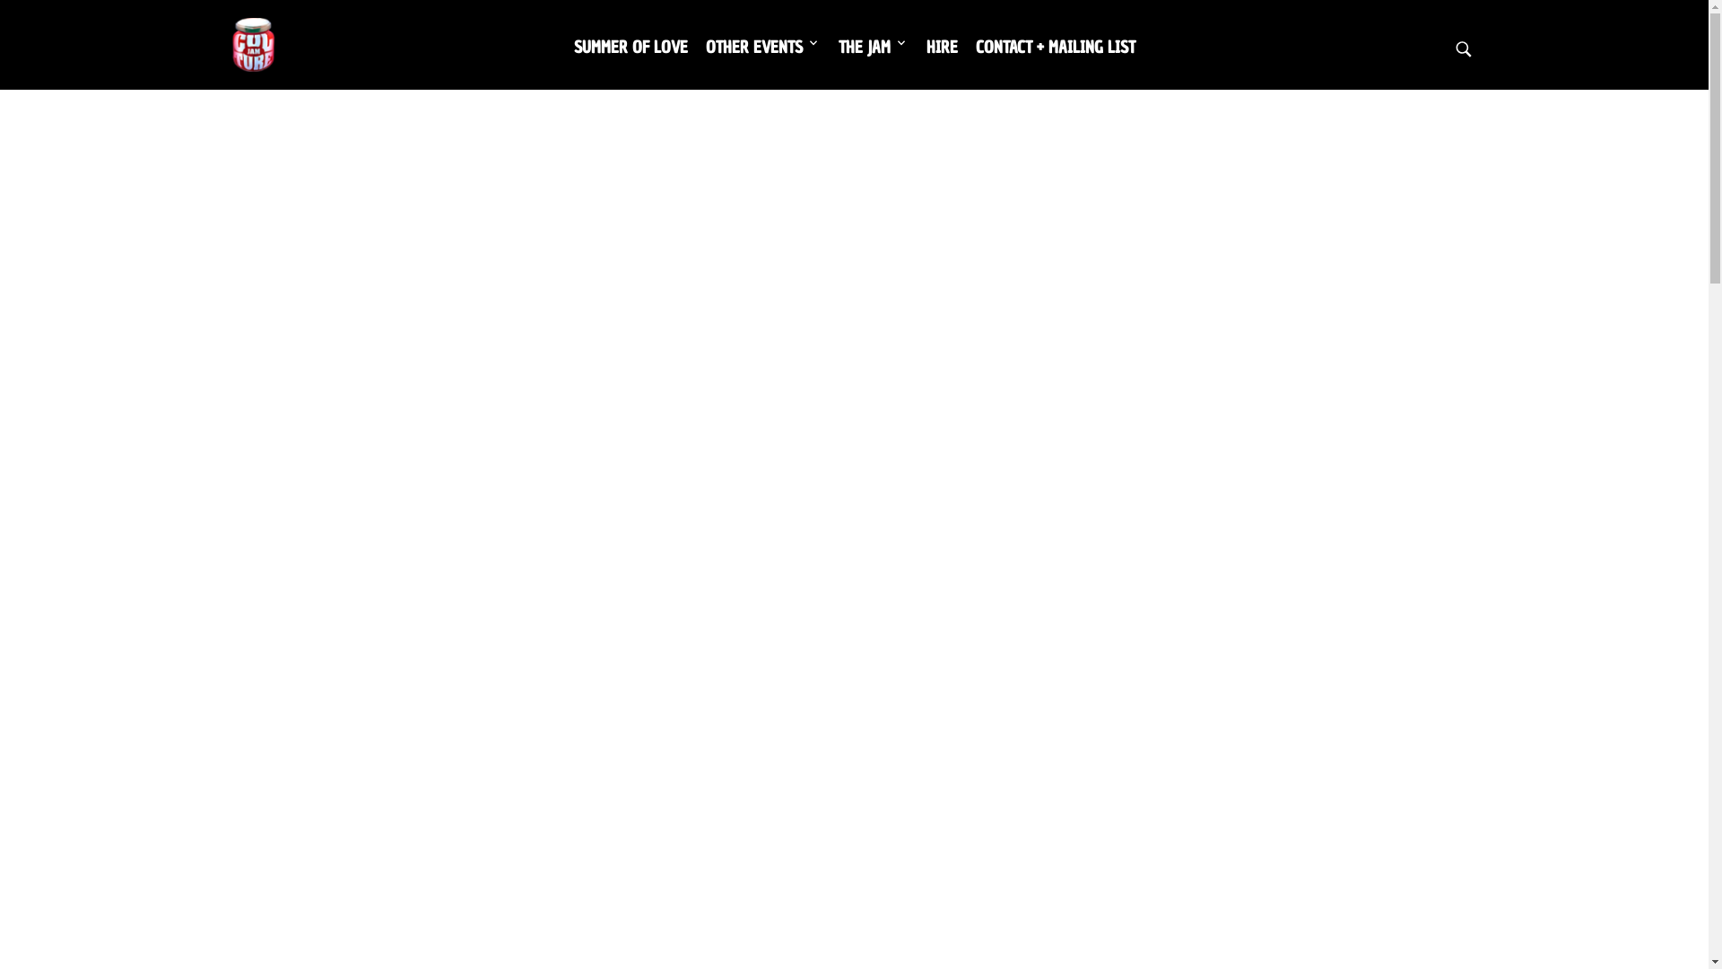  I want to click on 'SUMMER OF LOVE', so click(631, 46).